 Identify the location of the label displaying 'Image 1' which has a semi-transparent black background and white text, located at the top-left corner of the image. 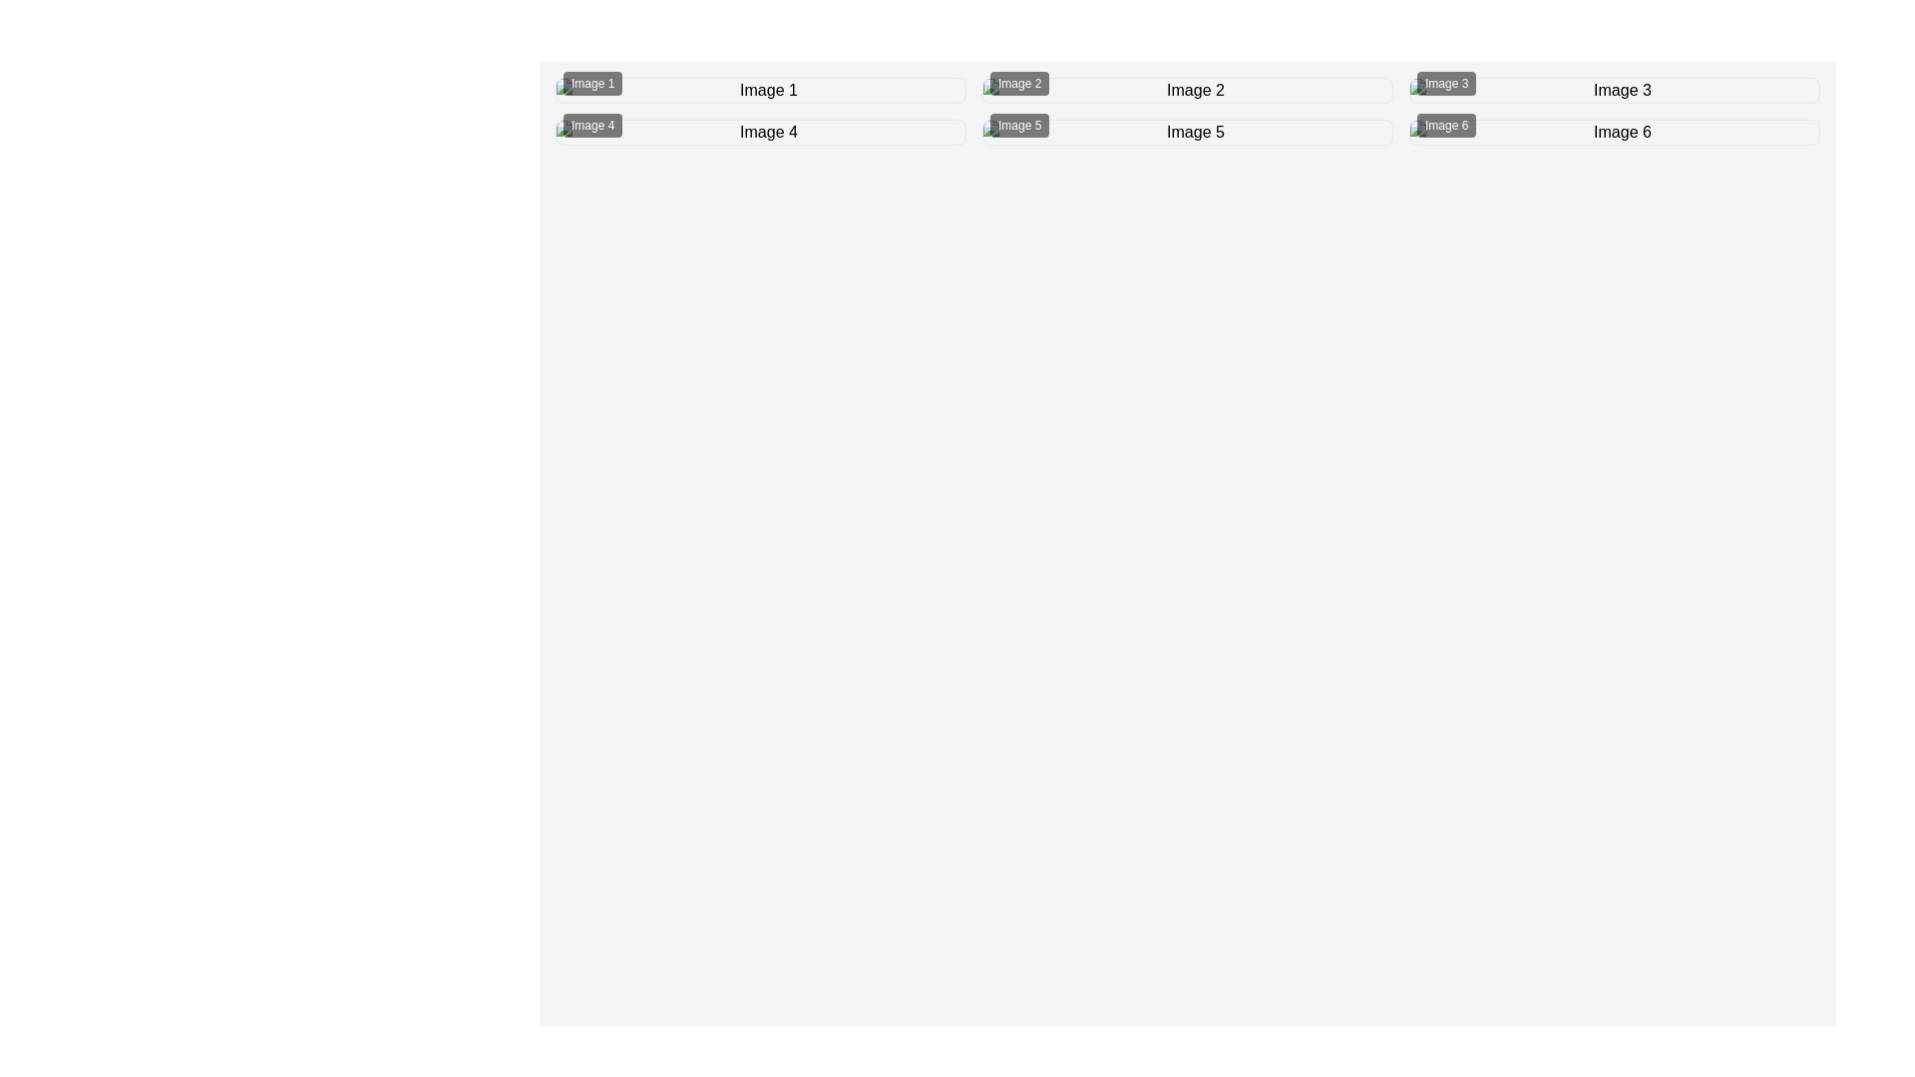
(591, 83).